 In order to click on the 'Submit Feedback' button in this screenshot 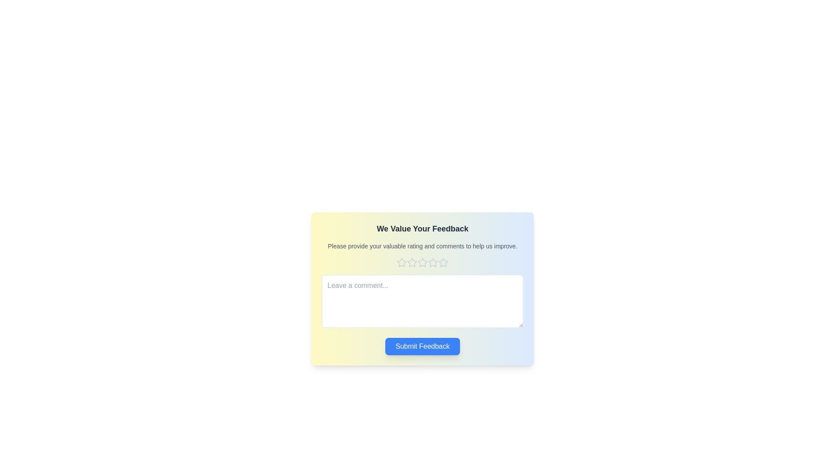, I will do `click(423, 346)`.